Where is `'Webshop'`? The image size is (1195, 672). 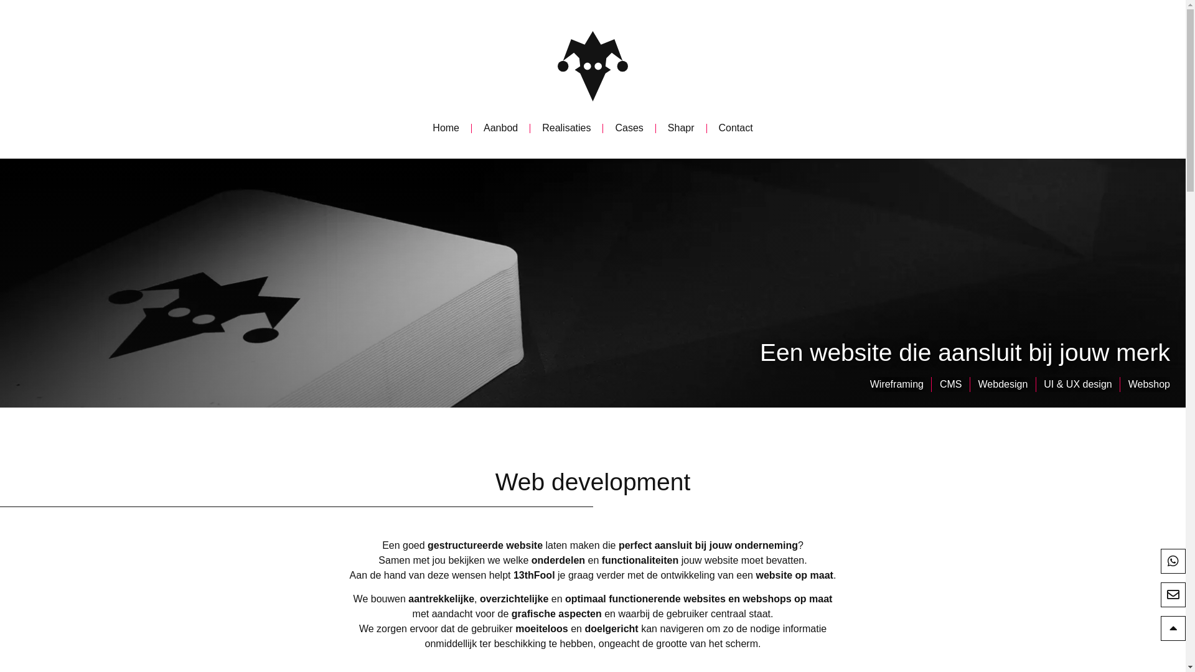
'Webshop' is located at coordinates (1148, 383).